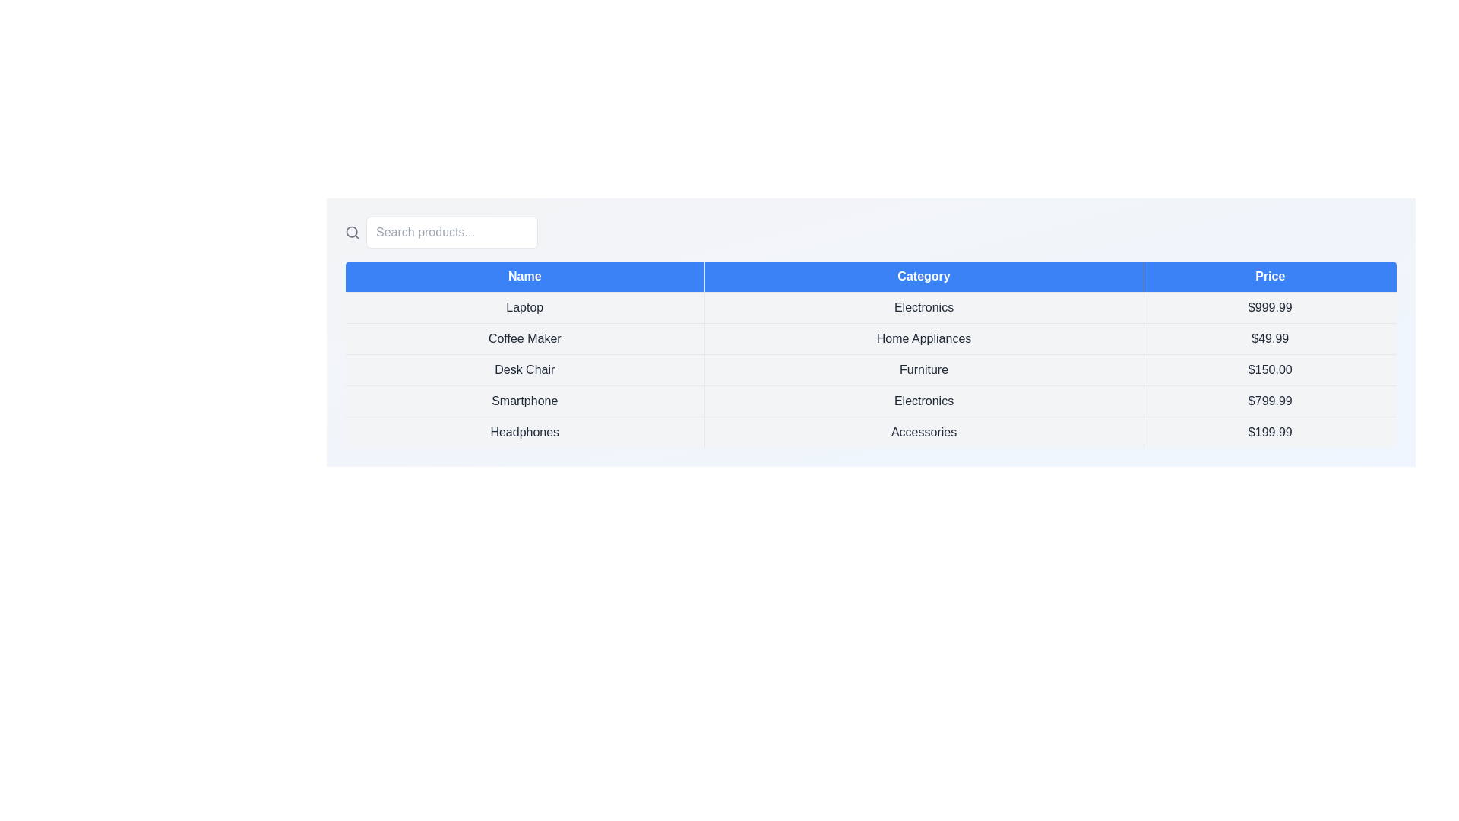 The width and height of the screenshot is (1459, 821). What do you see at coordinates (871, 338) in the screenshot?
I see `the text row displaying 'Coffee Maker Home Appliances $49.99'` at bounding box center [871, 338].